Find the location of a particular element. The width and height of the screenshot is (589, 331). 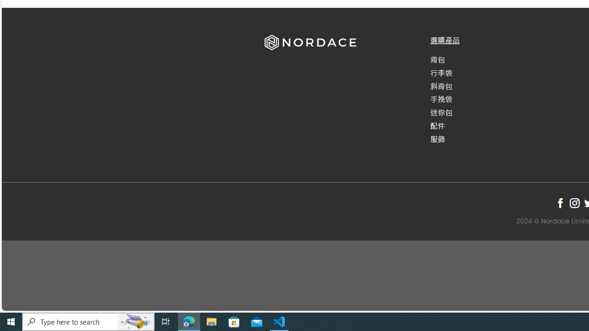

'Follow on Facebook' is located at coordinates (560, 202).